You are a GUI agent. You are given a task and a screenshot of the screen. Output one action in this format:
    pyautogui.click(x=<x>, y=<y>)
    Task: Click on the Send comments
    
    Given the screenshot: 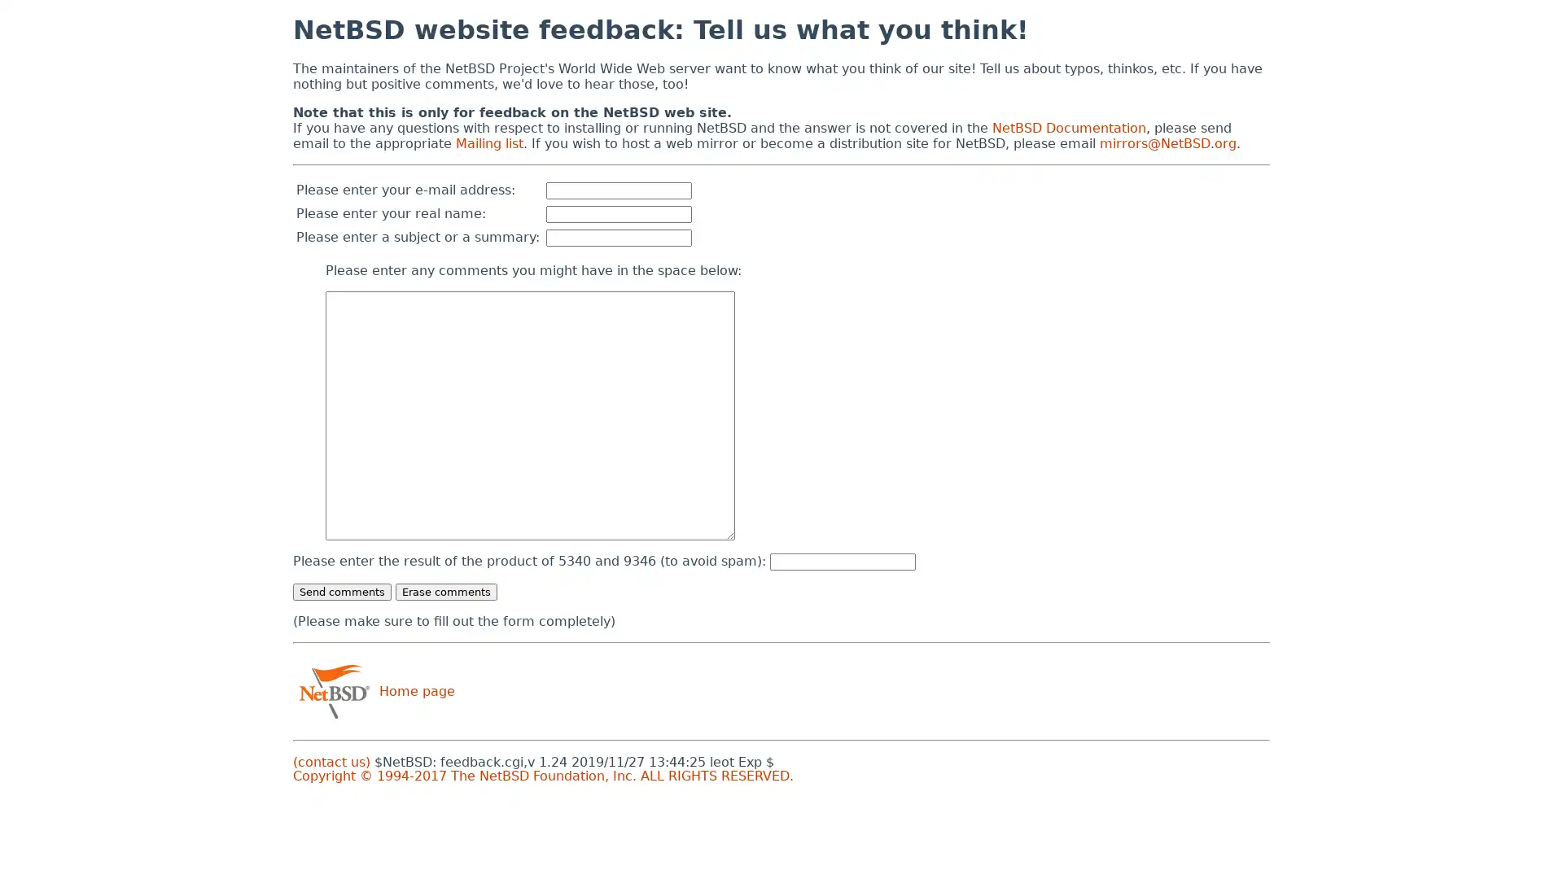 What is the action you would take?
    pyautogui.click(x=341, y=591)
    